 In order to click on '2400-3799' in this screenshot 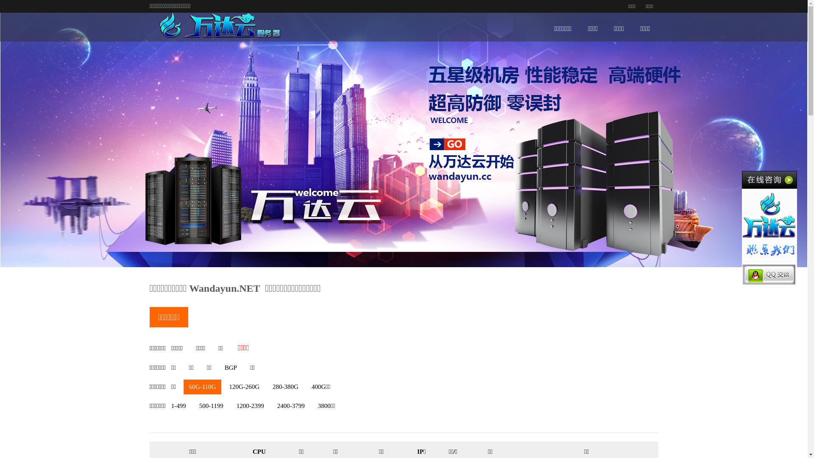, I will do `click(272, 405)`.